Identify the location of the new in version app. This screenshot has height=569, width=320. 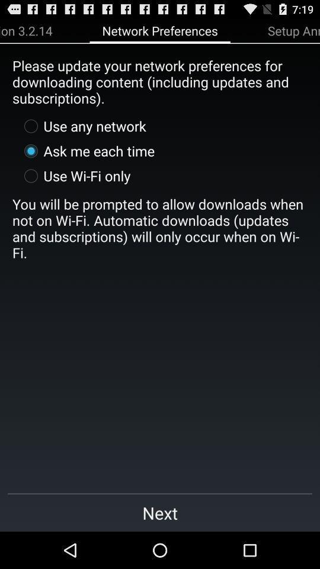
(26, 30).